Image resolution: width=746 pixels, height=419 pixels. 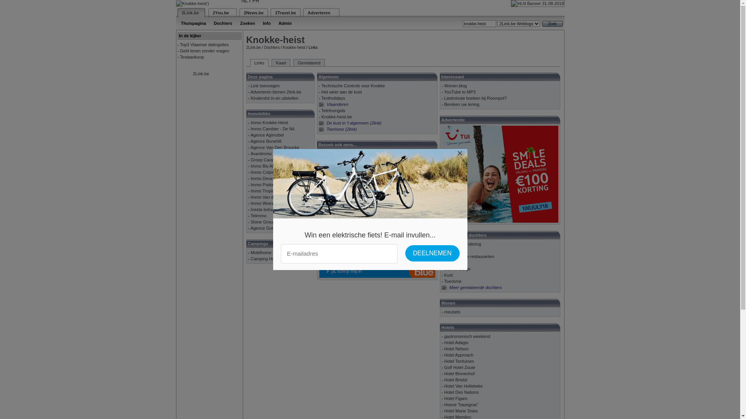 I want to click on '2News.be', so click(x=244, y=13).